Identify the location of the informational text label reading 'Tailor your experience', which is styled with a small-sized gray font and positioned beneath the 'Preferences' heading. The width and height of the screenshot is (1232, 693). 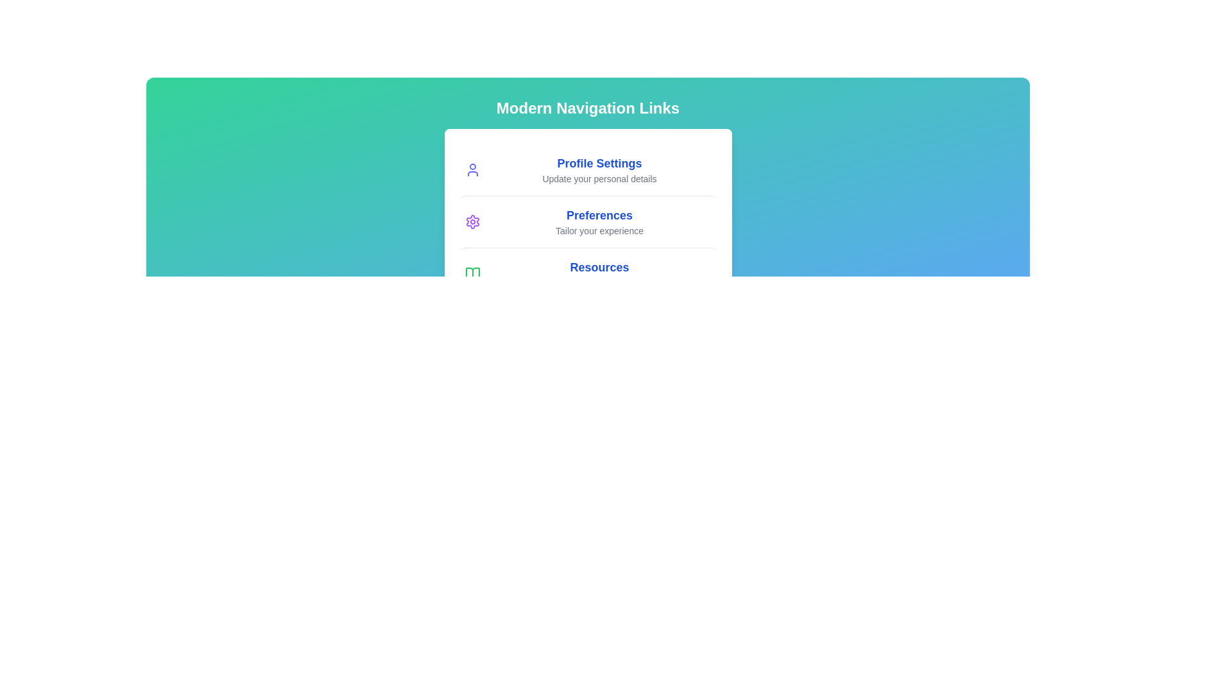
(599, 230).